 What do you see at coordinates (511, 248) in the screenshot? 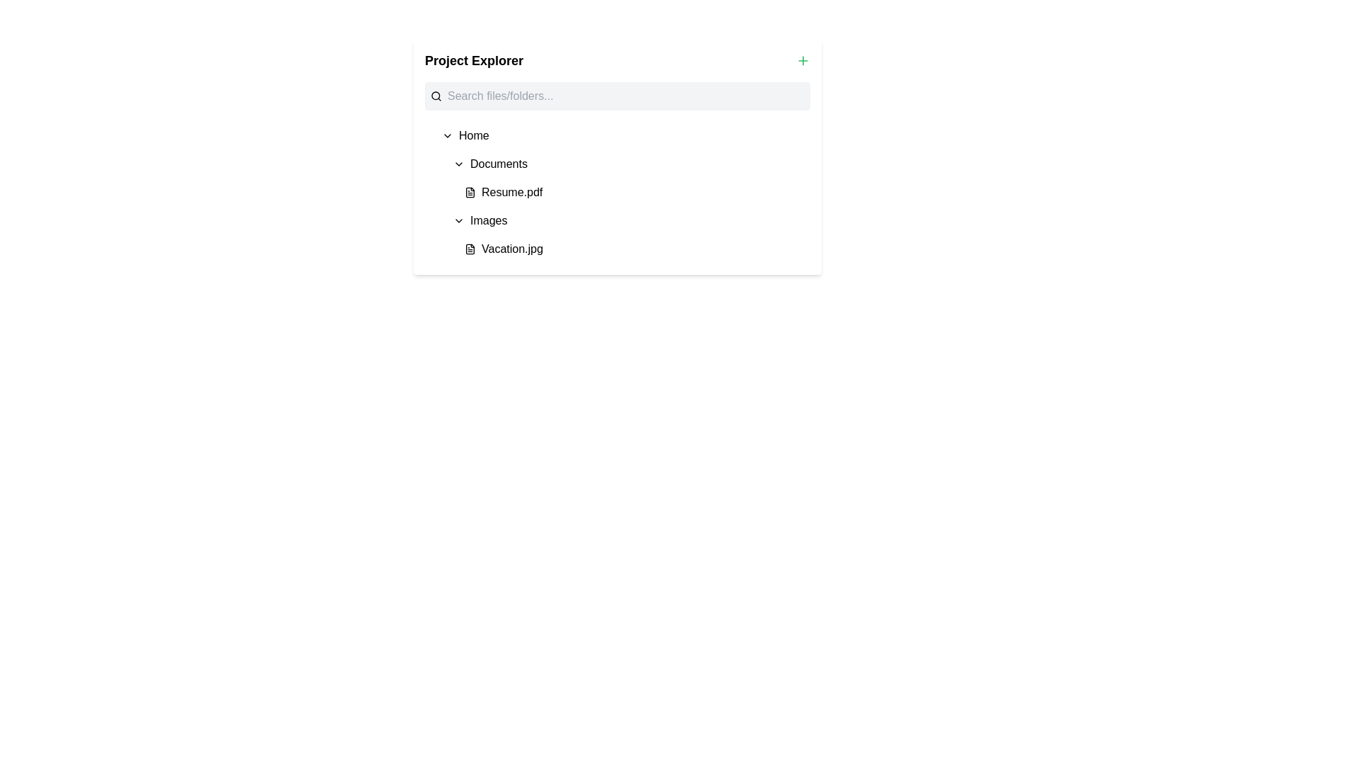
I see `the label displaying the file name 'Vacation.jpg' located to the right of the document icon in the 'Images' folder under 'Project Explorer'` at bounding box center [511, 248].